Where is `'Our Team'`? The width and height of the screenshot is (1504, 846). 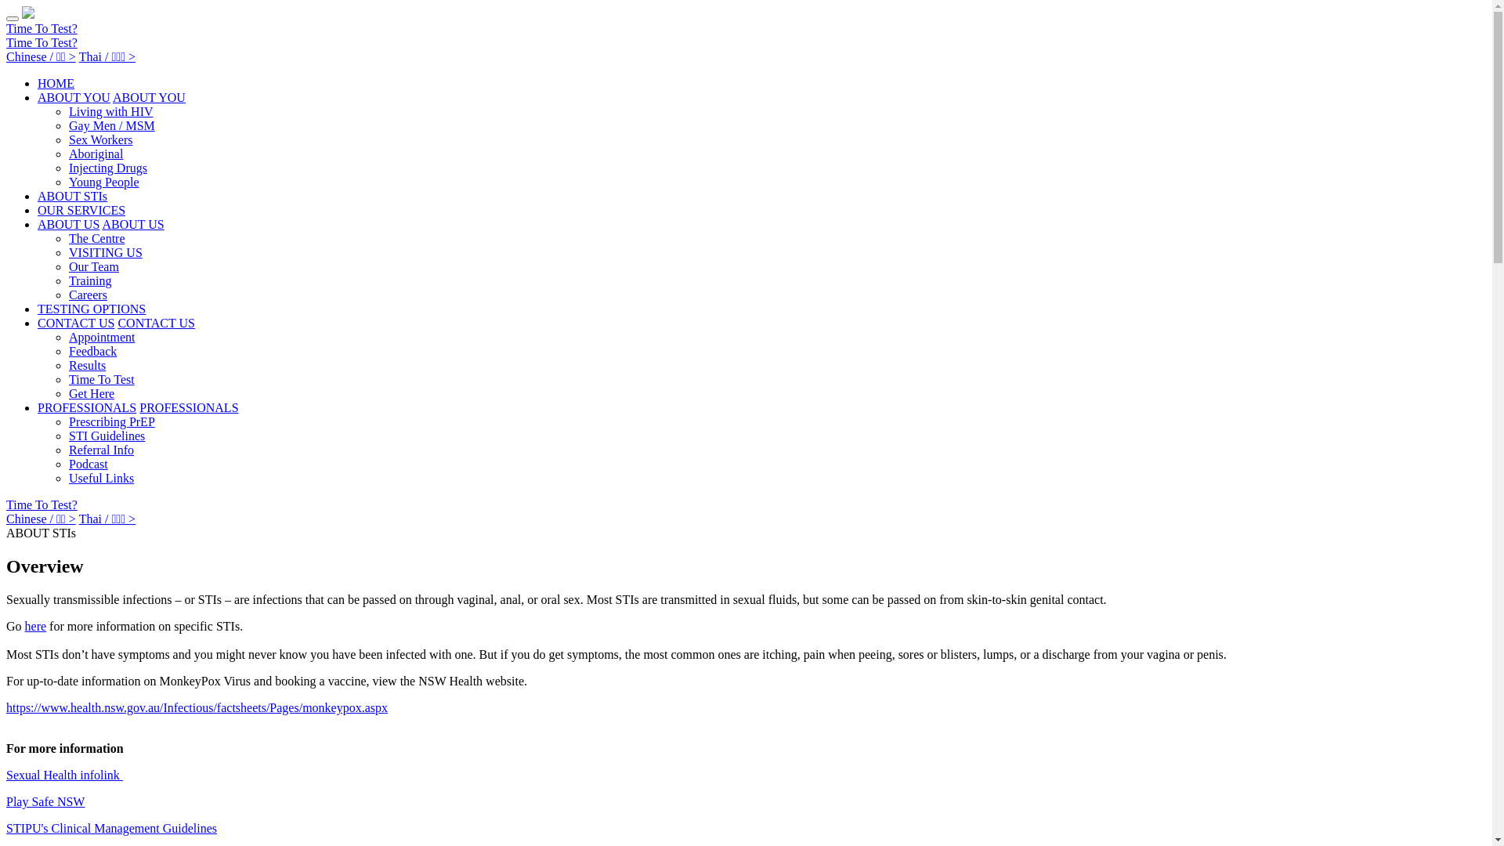 'Our Team' is located at coordinates (93, 266).